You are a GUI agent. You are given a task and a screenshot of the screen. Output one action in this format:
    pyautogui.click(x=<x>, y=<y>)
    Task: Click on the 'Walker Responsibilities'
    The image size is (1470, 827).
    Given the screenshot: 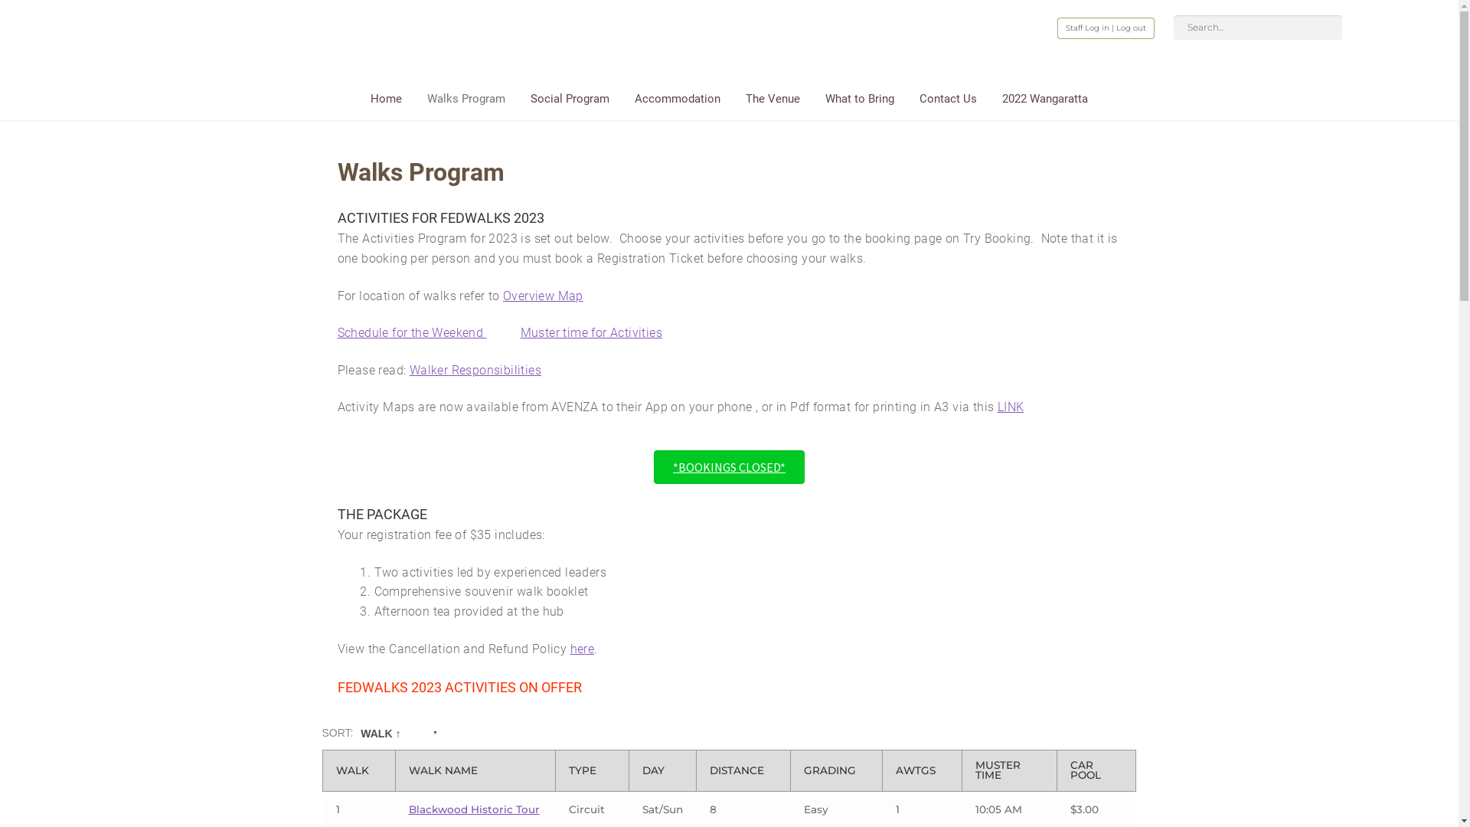 What is the action you would take?
    pyautogui.click(x=474, y=370)
    